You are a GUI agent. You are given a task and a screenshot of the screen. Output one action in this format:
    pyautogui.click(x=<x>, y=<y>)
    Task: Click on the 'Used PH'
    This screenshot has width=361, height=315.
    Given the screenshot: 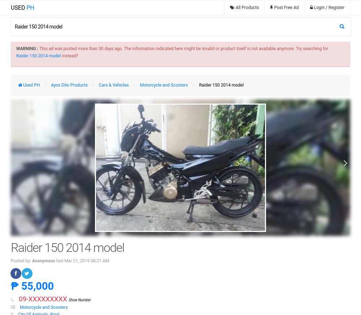 What is the action you would take?
    pyautogui.click(x=22, y=84)
    